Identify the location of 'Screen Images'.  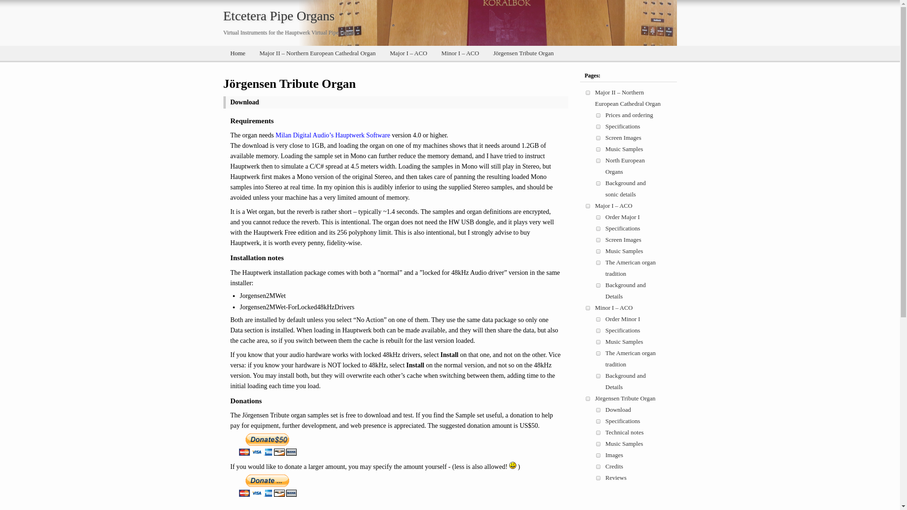
(624, 137).